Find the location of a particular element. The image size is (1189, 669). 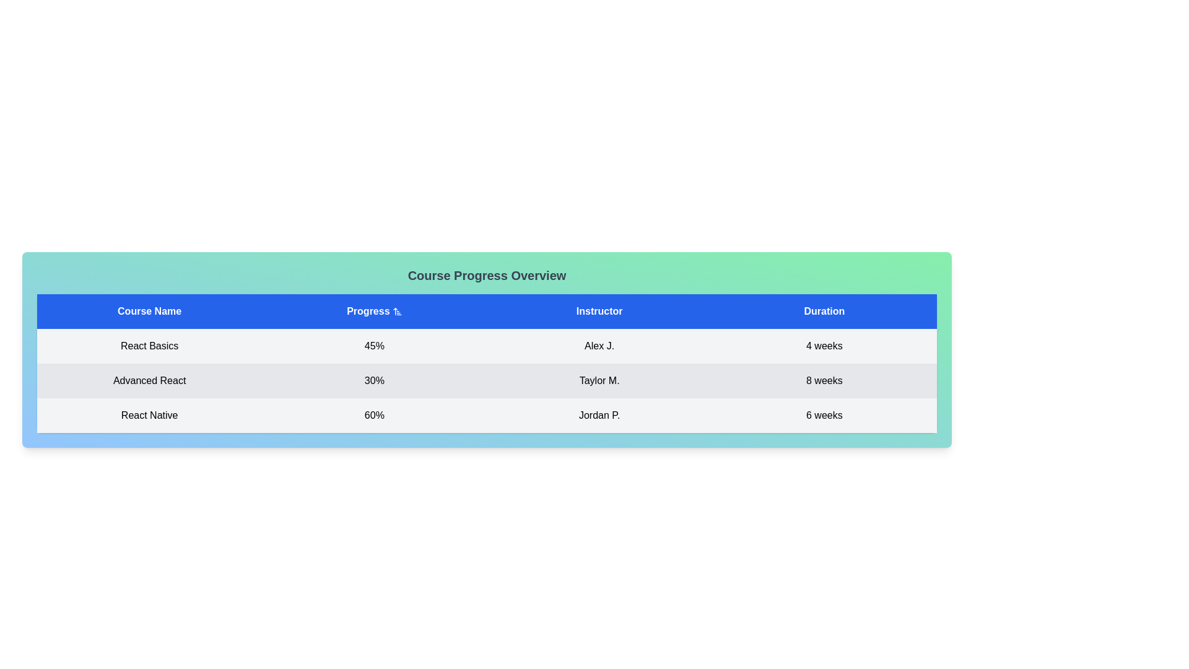

the upward arrow icon next to the 'Progress' header in the table to sort the column is located at coordinates (373, 310).